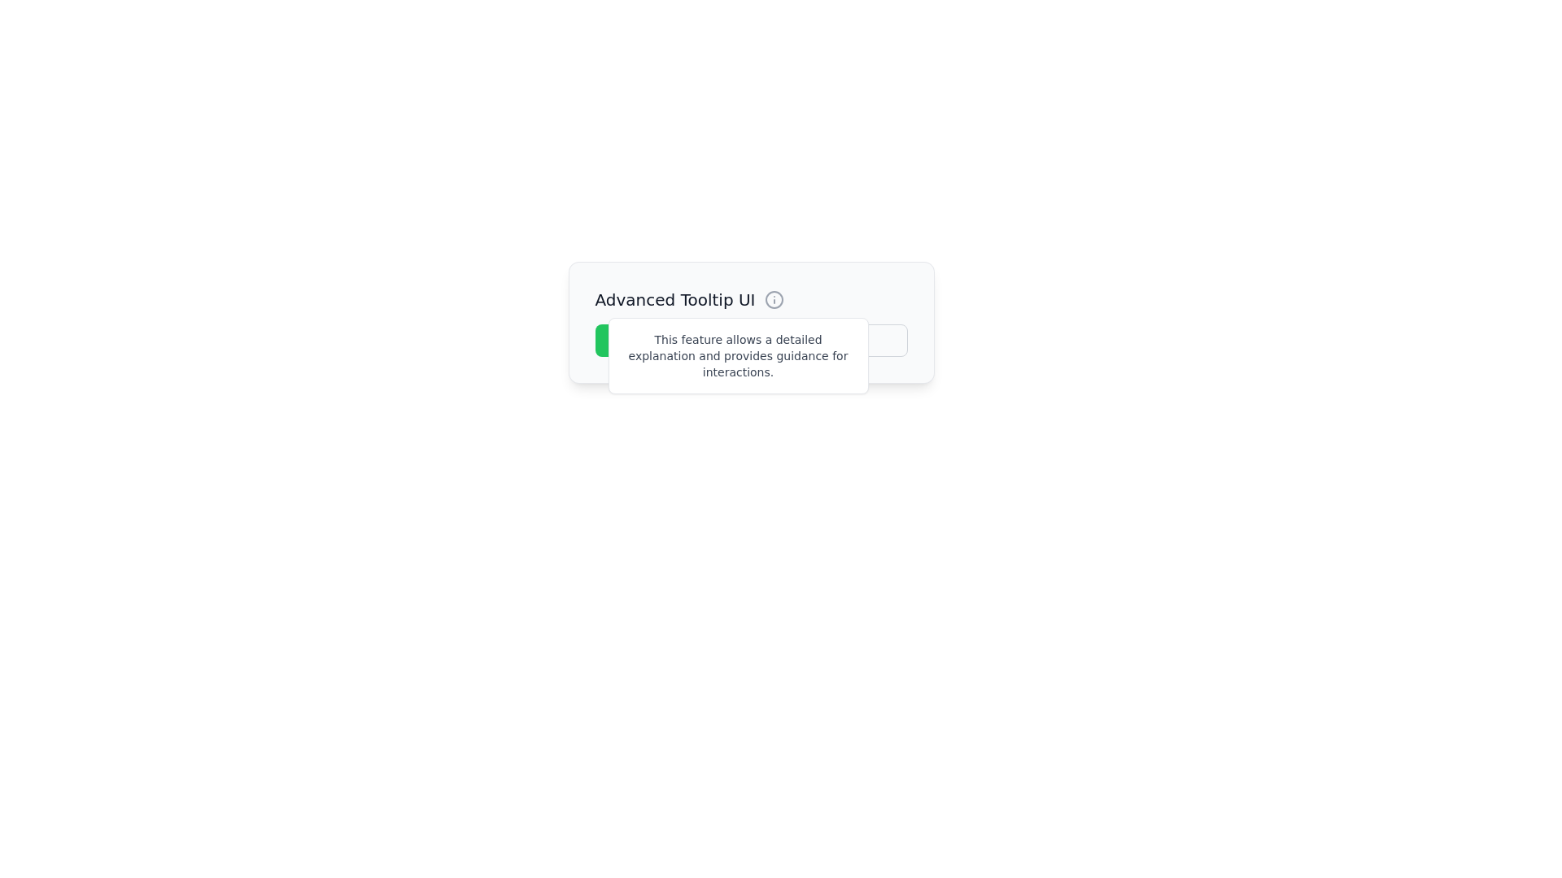  Describe the element at coordinates (774, 300) in the screenshot. I see `the Information Icon, which is styled with a circular outline and contains a vertical line and dot, located to the right of the 'Advanced Tooltip UI' text` at that location.